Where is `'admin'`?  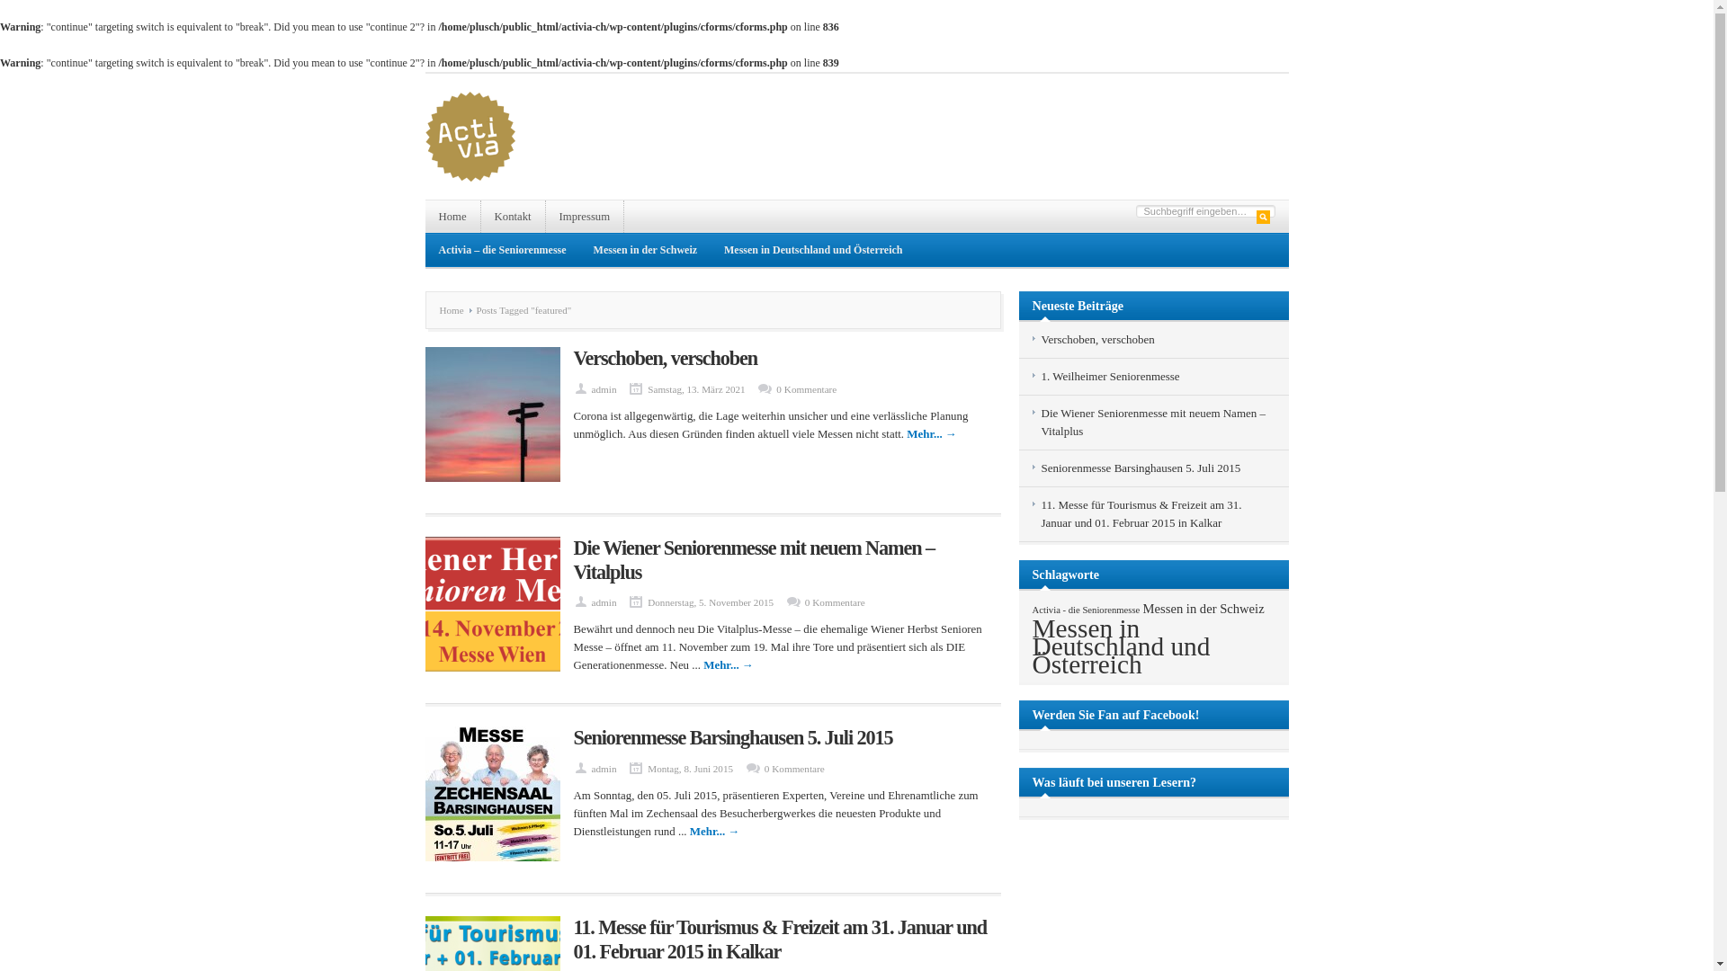
'admin' is located at coordinates (591, 769).